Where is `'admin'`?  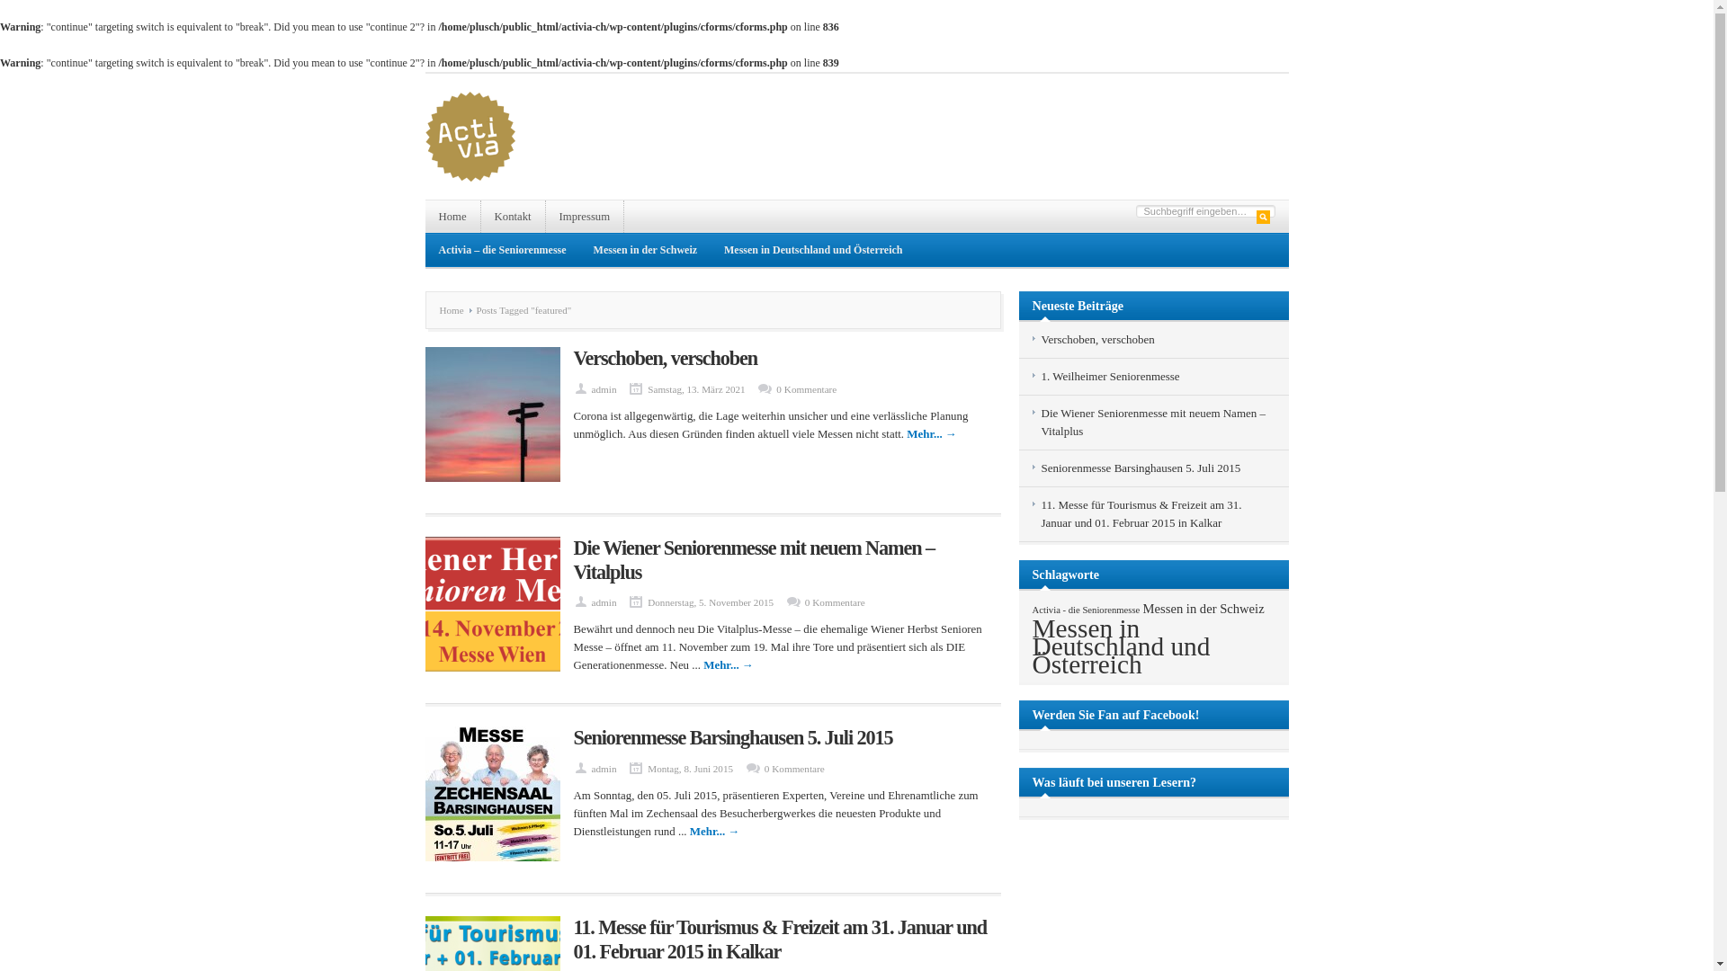
'admin' is located at coordinates (591, 769).